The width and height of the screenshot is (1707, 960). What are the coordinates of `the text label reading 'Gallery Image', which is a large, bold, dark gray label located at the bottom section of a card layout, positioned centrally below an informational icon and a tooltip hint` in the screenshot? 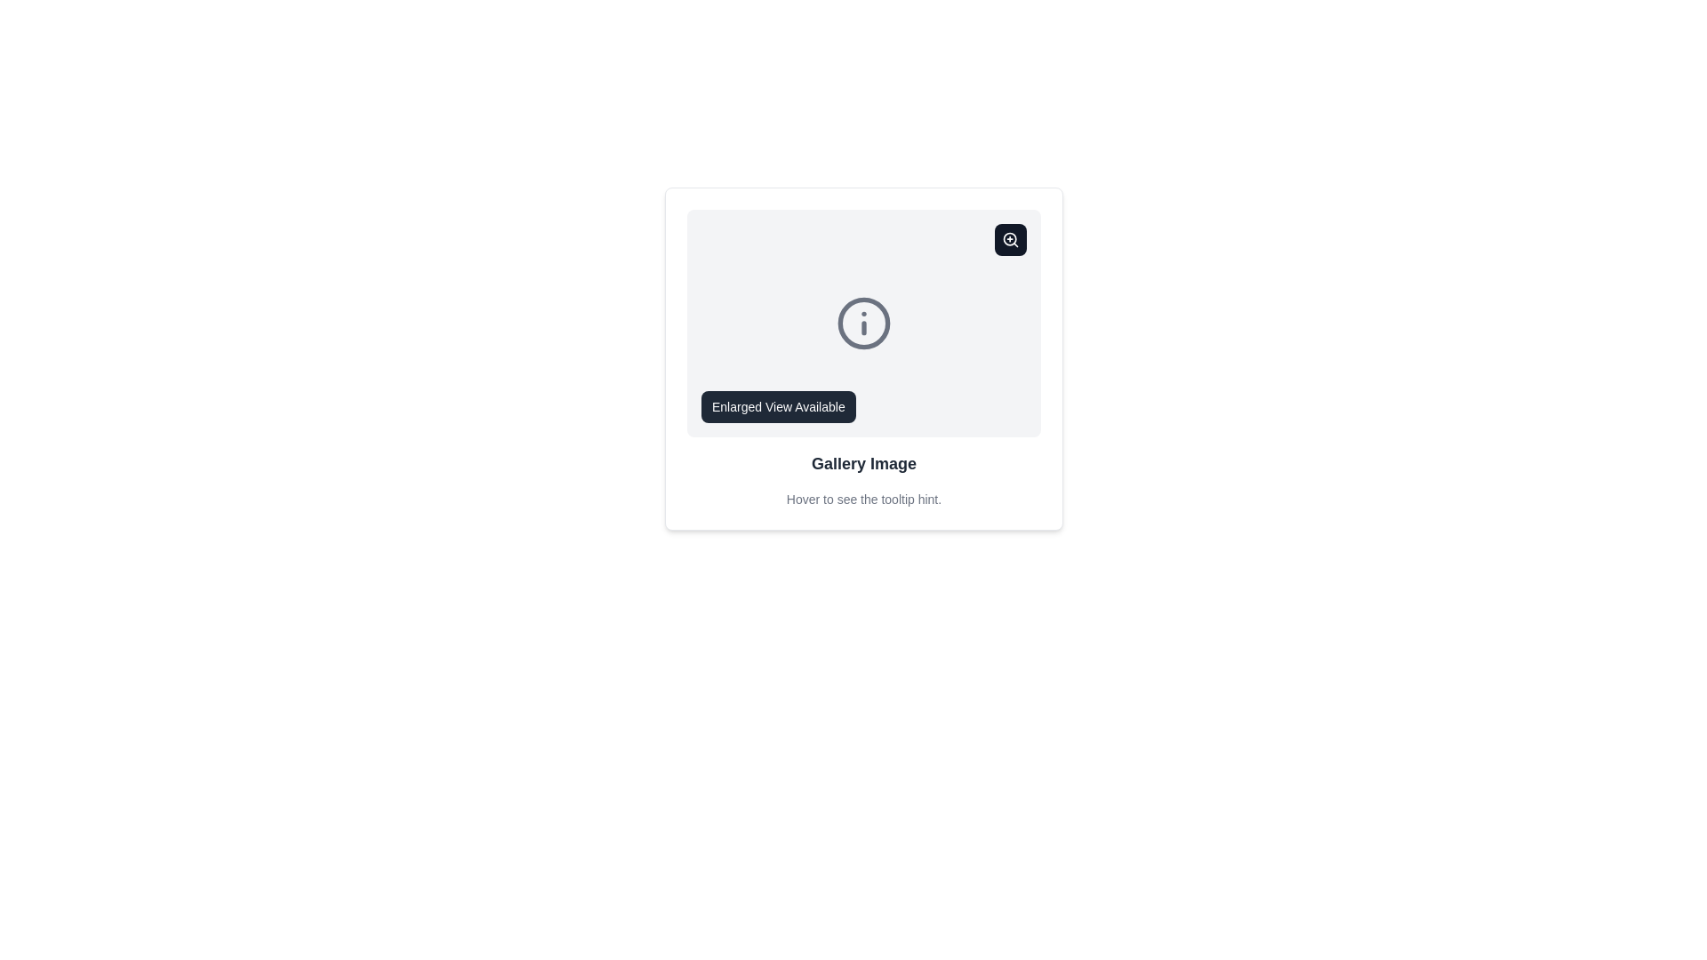 It's located at (863, 462).